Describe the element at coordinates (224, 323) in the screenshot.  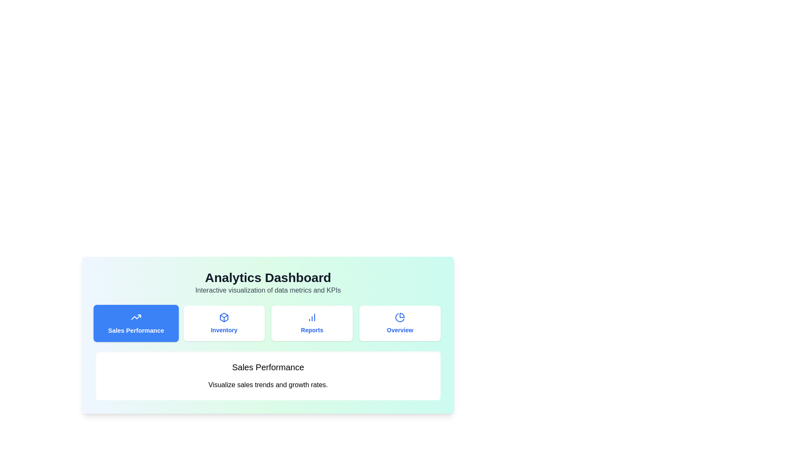
I see `the tab labeled Inventory` at that location.